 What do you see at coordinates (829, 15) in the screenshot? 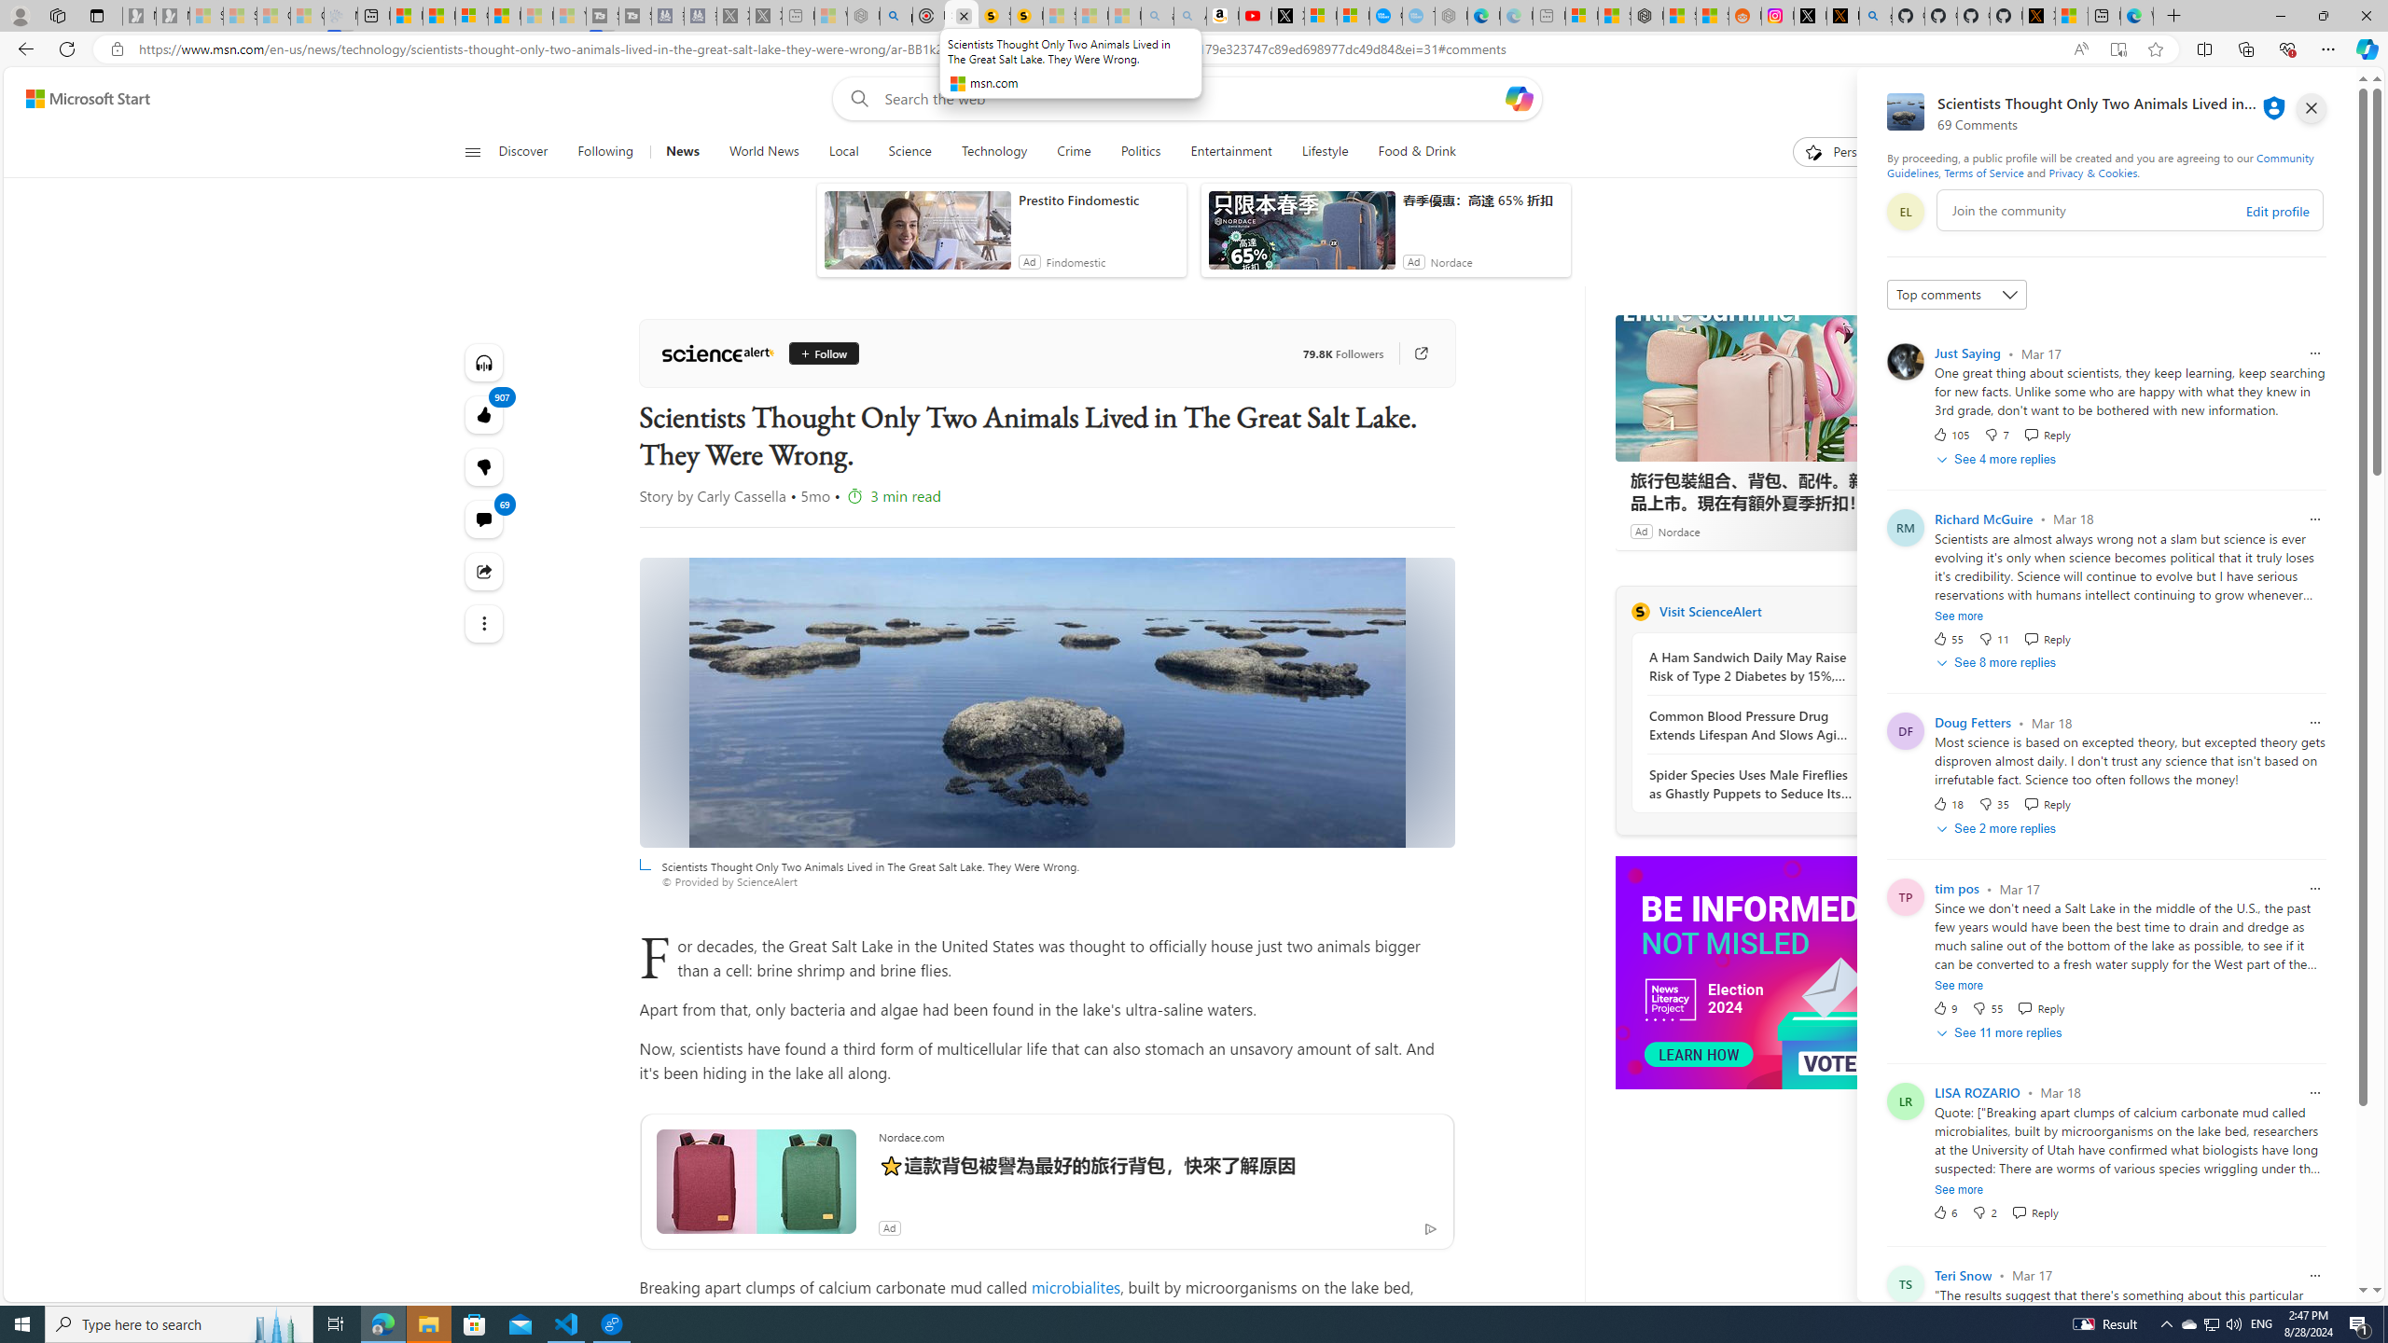
I see `'Wildlife - MSN - Sleeping'` at bounding box center [829, 15].